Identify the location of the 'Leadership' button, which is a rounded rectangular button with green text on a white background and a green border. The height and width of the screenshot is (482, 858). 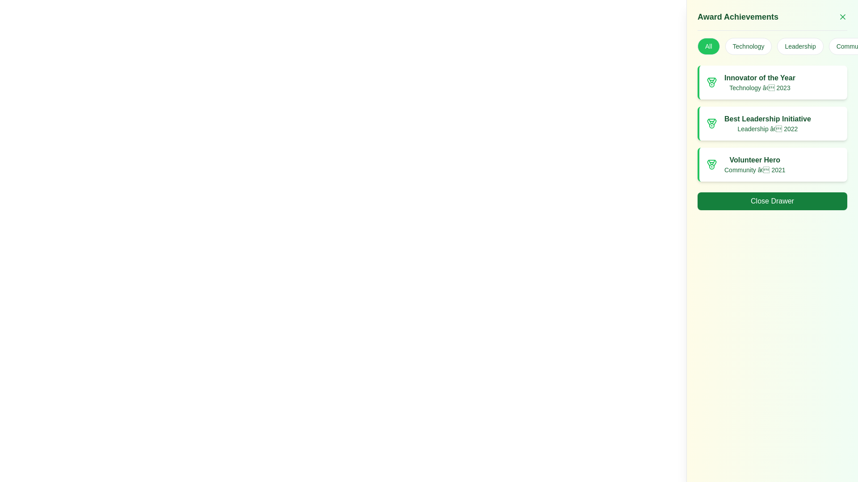
(800, 46).